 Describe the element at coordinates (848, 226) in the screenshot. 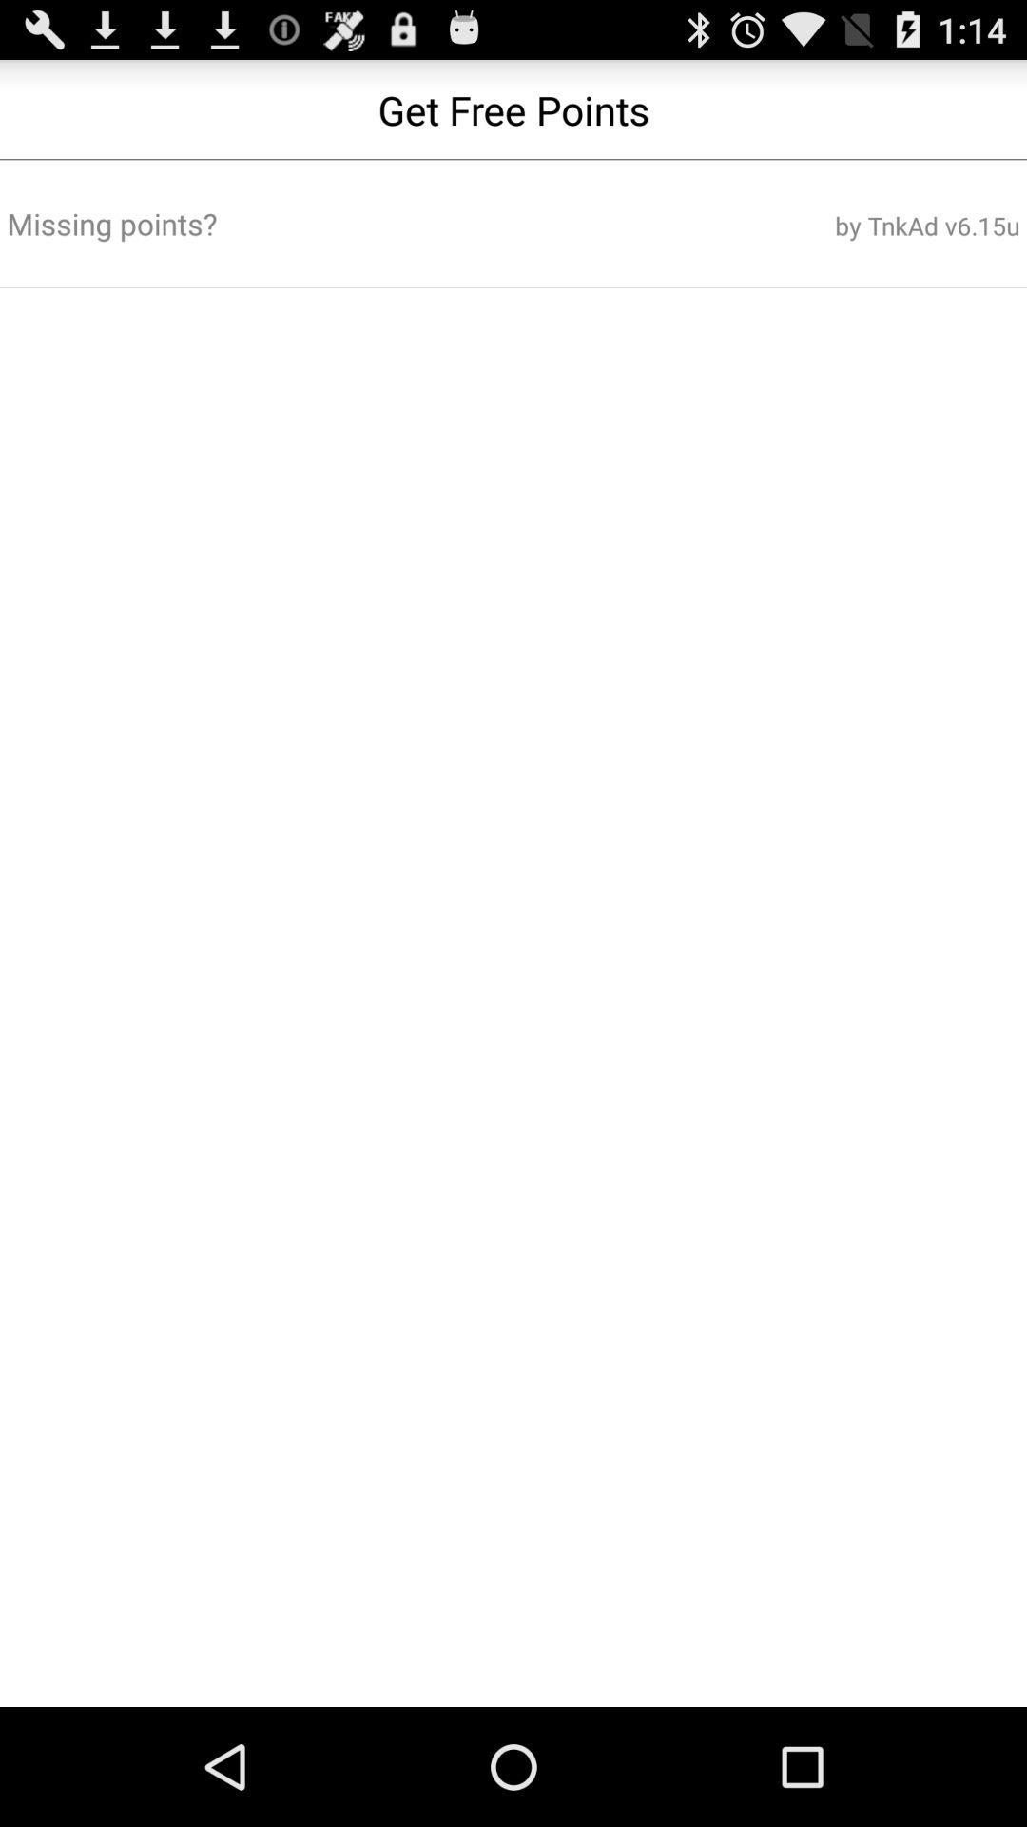

I see `the icon to the right of the missing points? icon` at that location.